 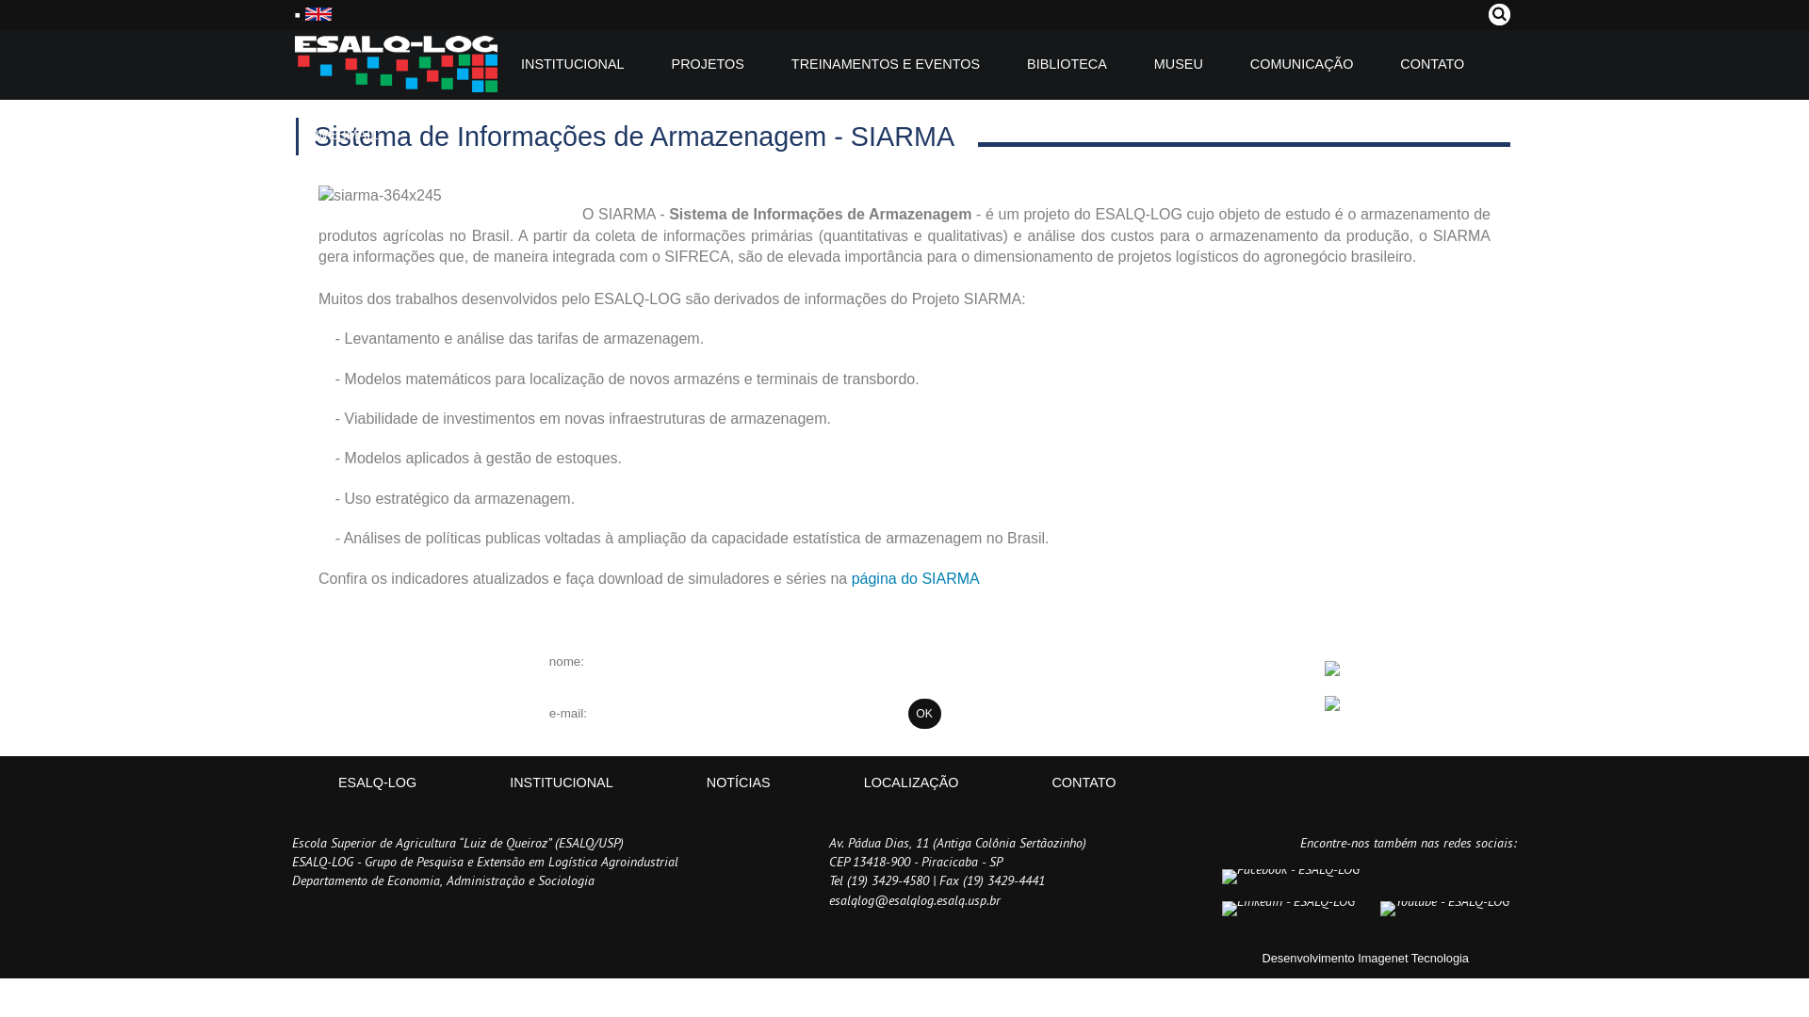 What do you see at coordinates (497, 63) in the screenshot?
I see `'INSTITUCIONAL'` at bounding box center [497, 63].